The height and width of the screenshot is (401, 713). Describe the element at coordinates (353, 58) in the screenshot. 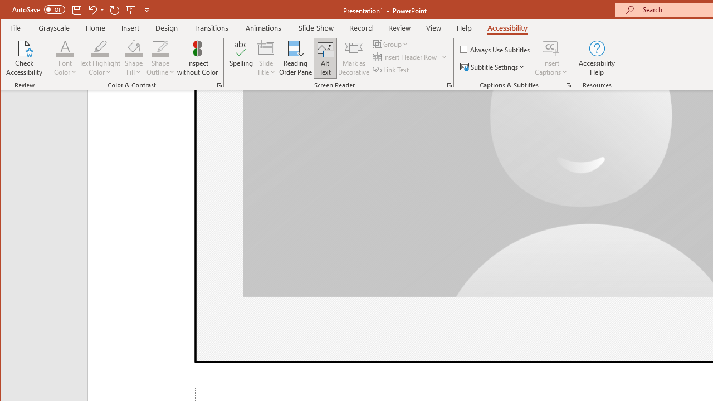

I see `'Mark as Decorative'` at that location.